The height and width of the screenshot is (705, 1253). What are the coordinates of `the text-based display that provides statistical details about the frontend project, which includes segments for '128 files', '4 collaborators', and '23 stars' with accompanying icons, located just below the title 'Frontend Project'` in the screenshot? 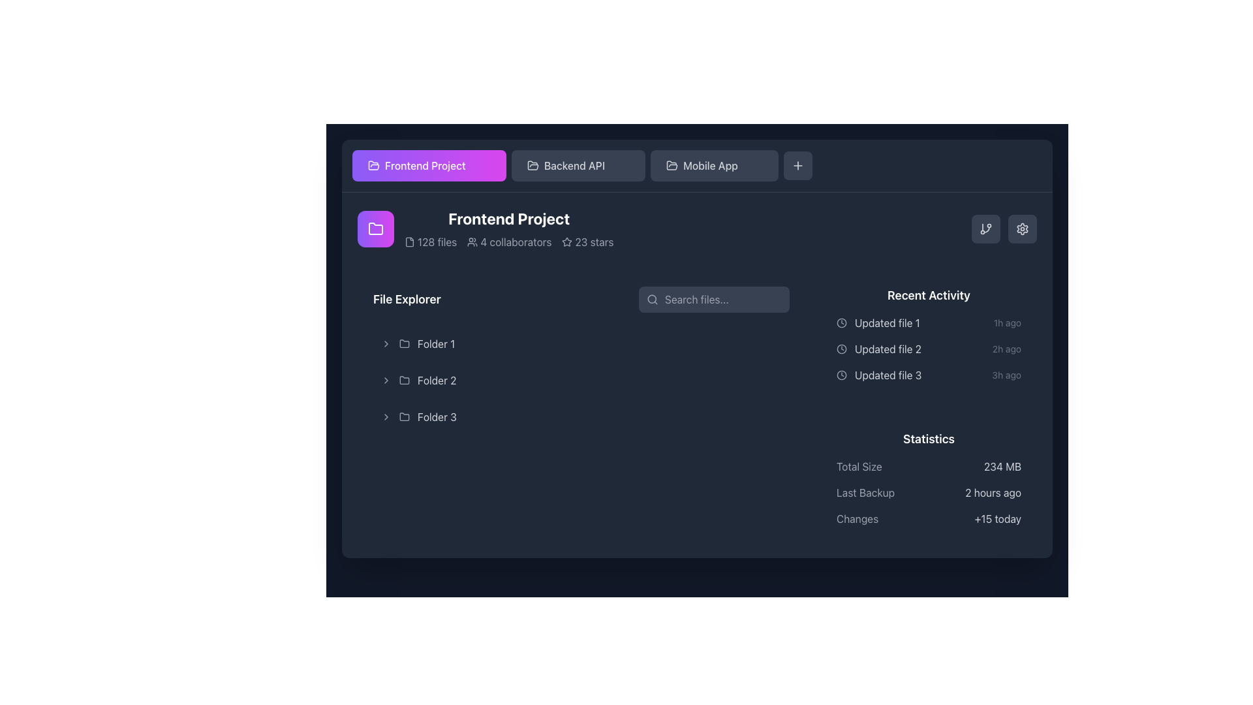 It's located at (508, 242).